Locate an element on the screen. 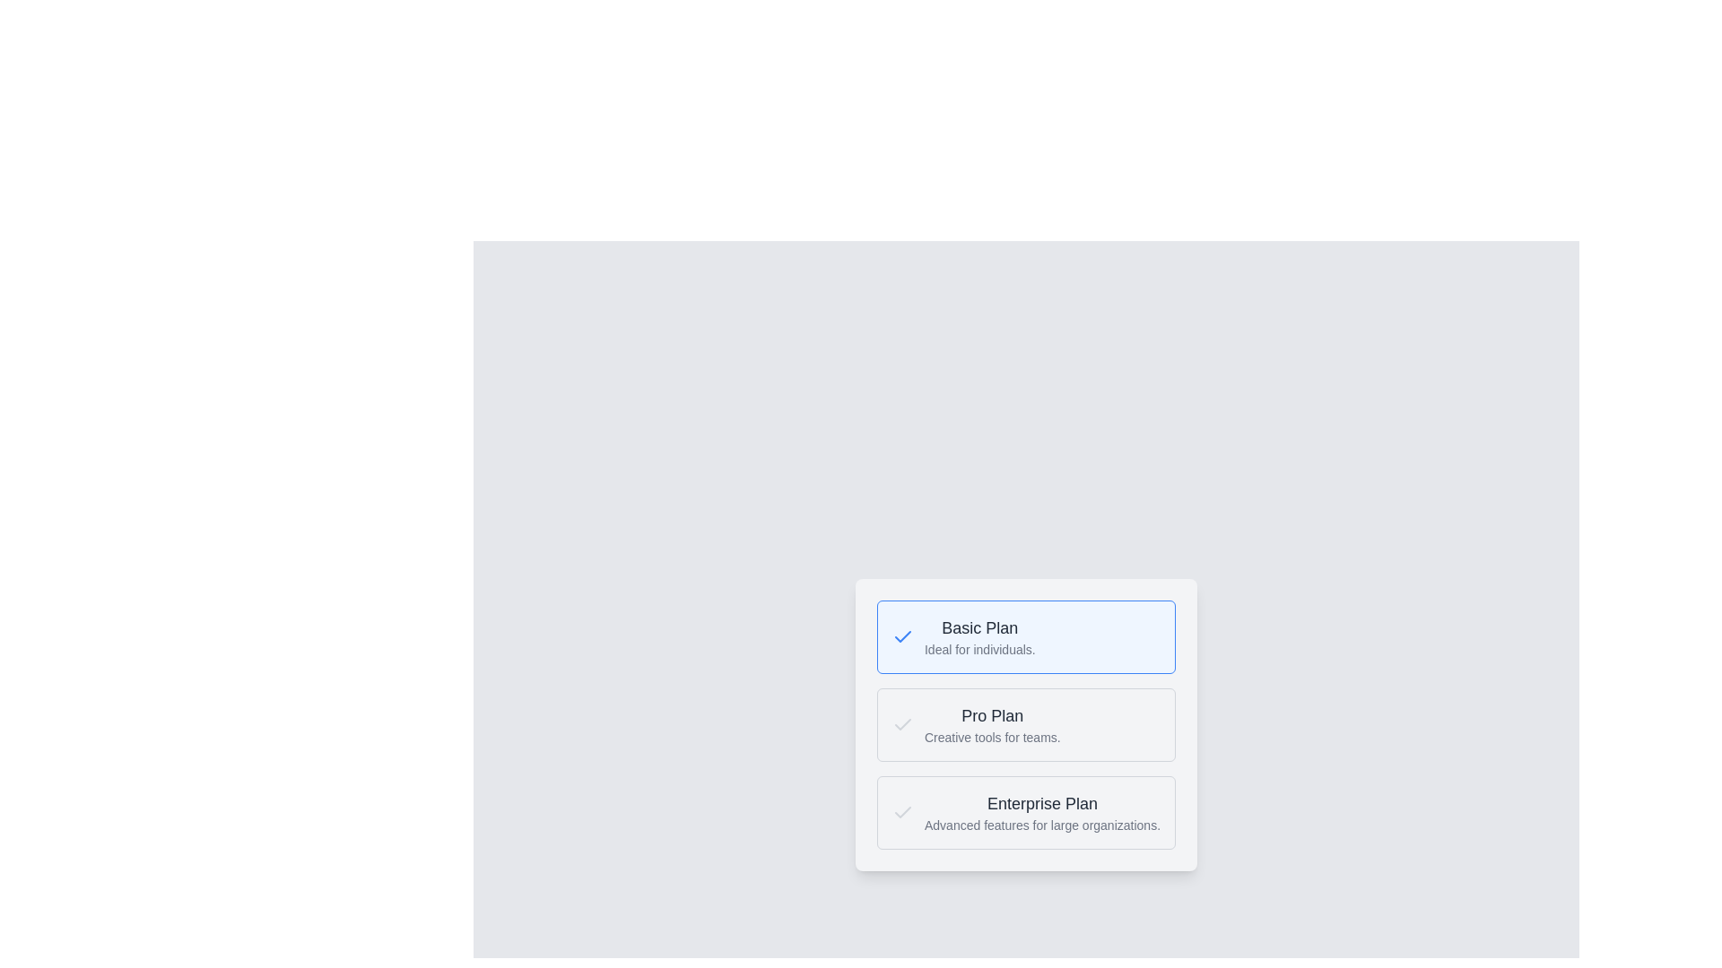  on the 'Enterprise Plan' selectable card item, which is the third card in a vertical stack, featuring a checkmark icon, a bold title in black, and a subtitle in gray is located at coordinates (1026, 812).